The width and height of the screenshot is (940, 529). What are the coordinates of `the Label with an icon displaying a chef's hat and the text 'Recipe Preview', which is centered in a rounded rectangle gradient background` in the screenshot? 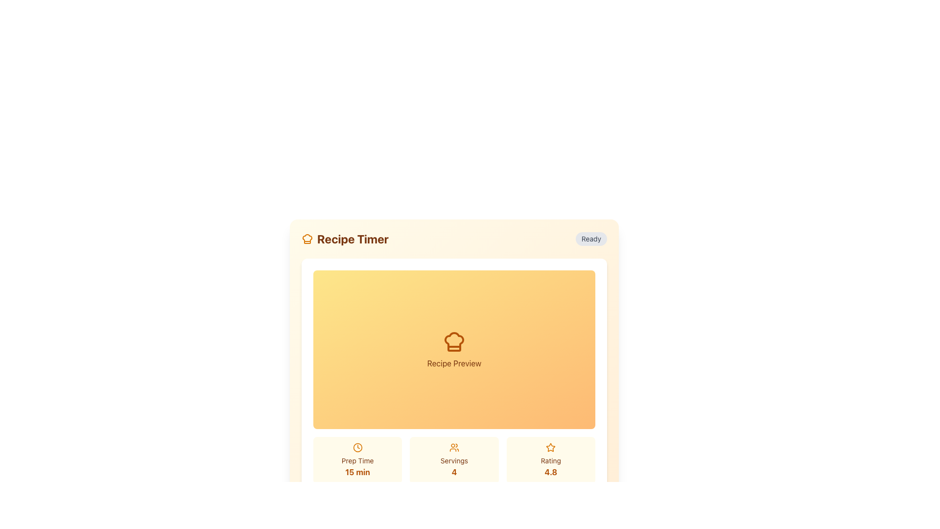 It's located at (453, 349).